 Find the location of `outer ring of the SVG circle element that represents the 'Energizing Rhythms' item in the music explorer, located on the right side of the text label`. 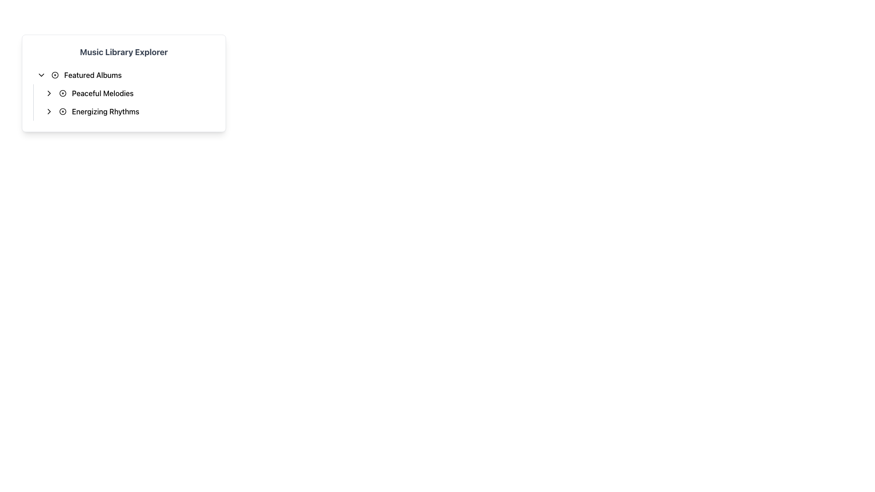

outer ring of the SVG circle element that represents the 'Energizing Rhythms' item in the music explorer, located on the right side of the text label is located at coordinates (62, 111).